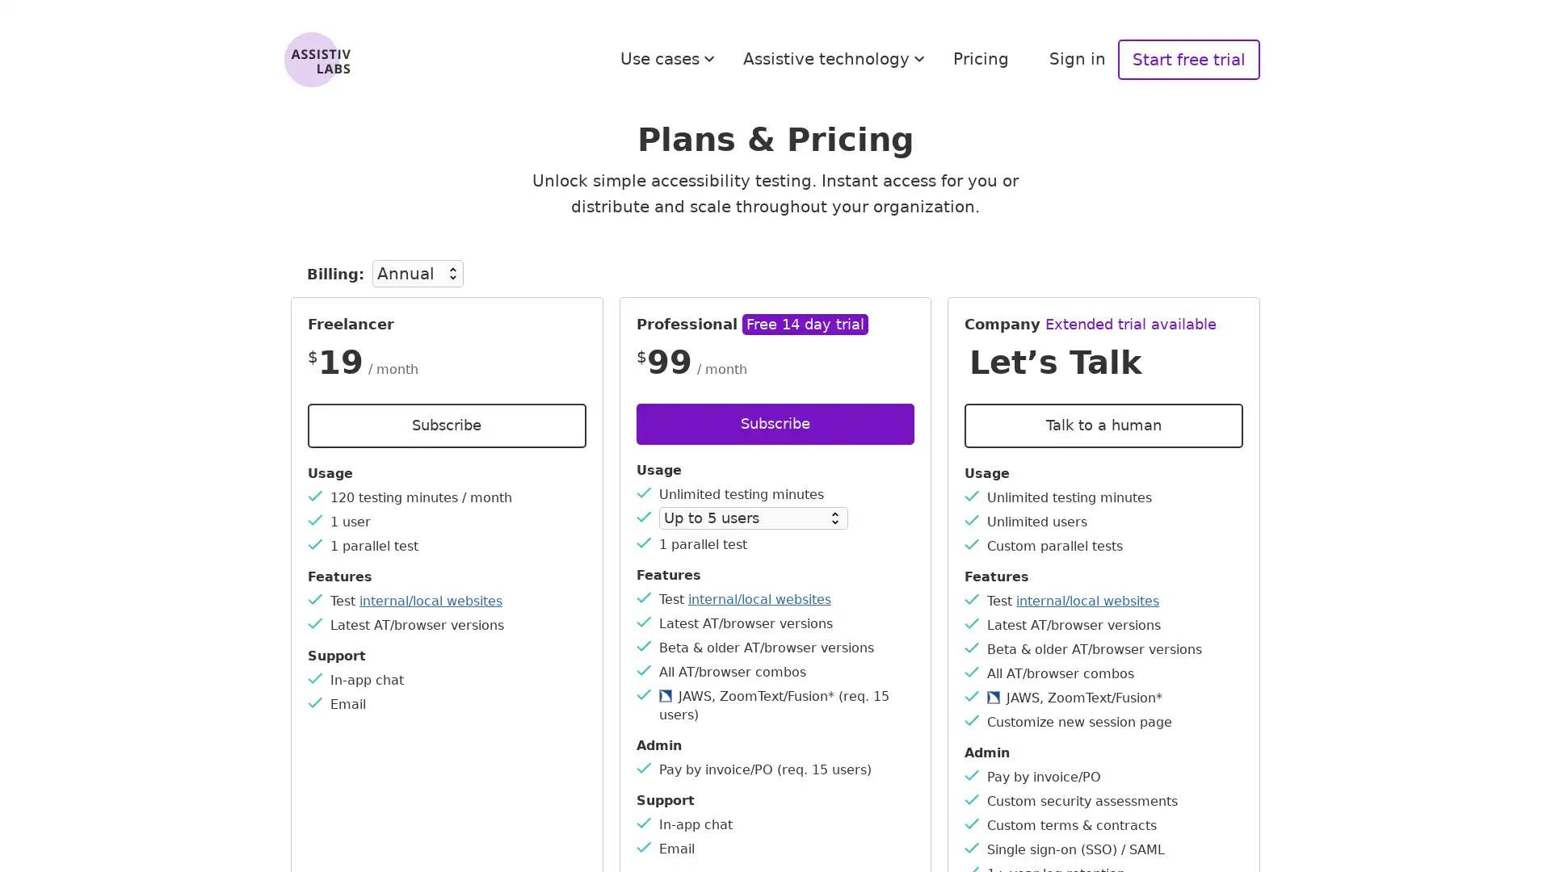  What do you see at coordinates (670, 58) in the screenshot?
I see `Use cases` at bounding box center [670, 58].